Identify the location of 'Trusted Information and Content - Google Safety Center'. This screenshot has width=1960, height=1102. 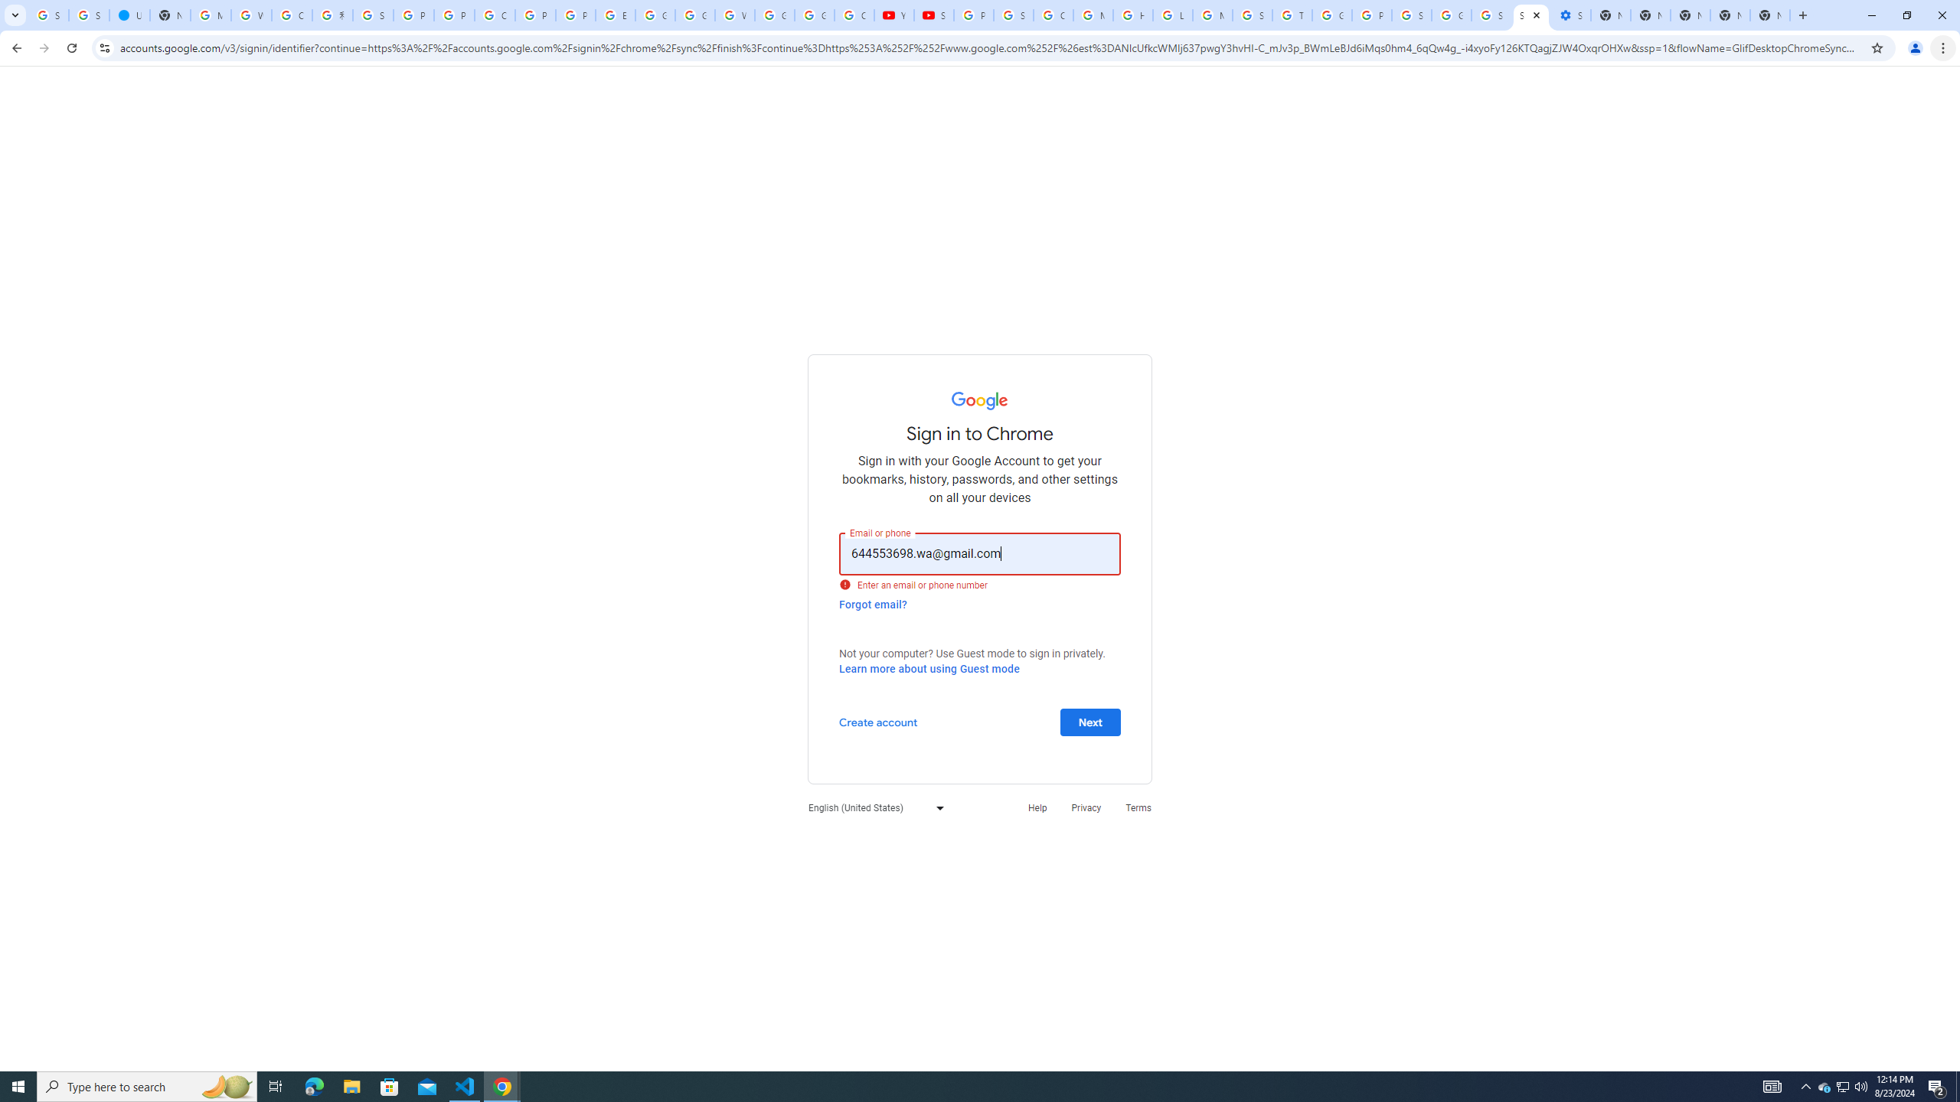
(1292, 15).